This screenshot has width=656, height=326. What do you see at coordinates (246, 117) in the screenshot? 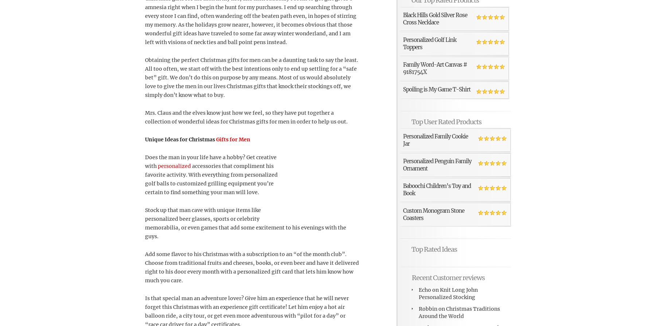
I see `'Mrs. Claus and the elves know just how we feel, so they have put together a collection of wonderful ideas for Christmas gifts for men in order to help us out.'` at bounding box center [246, 117].